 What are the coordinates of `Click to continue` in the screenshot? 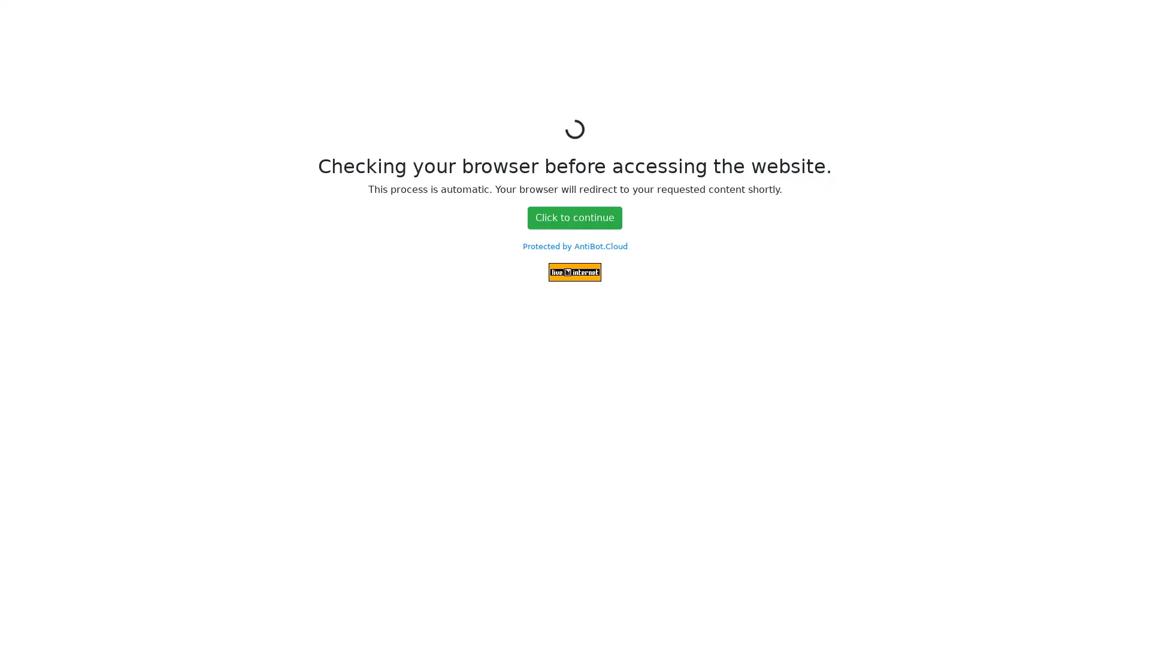 It's located at (575, 217).